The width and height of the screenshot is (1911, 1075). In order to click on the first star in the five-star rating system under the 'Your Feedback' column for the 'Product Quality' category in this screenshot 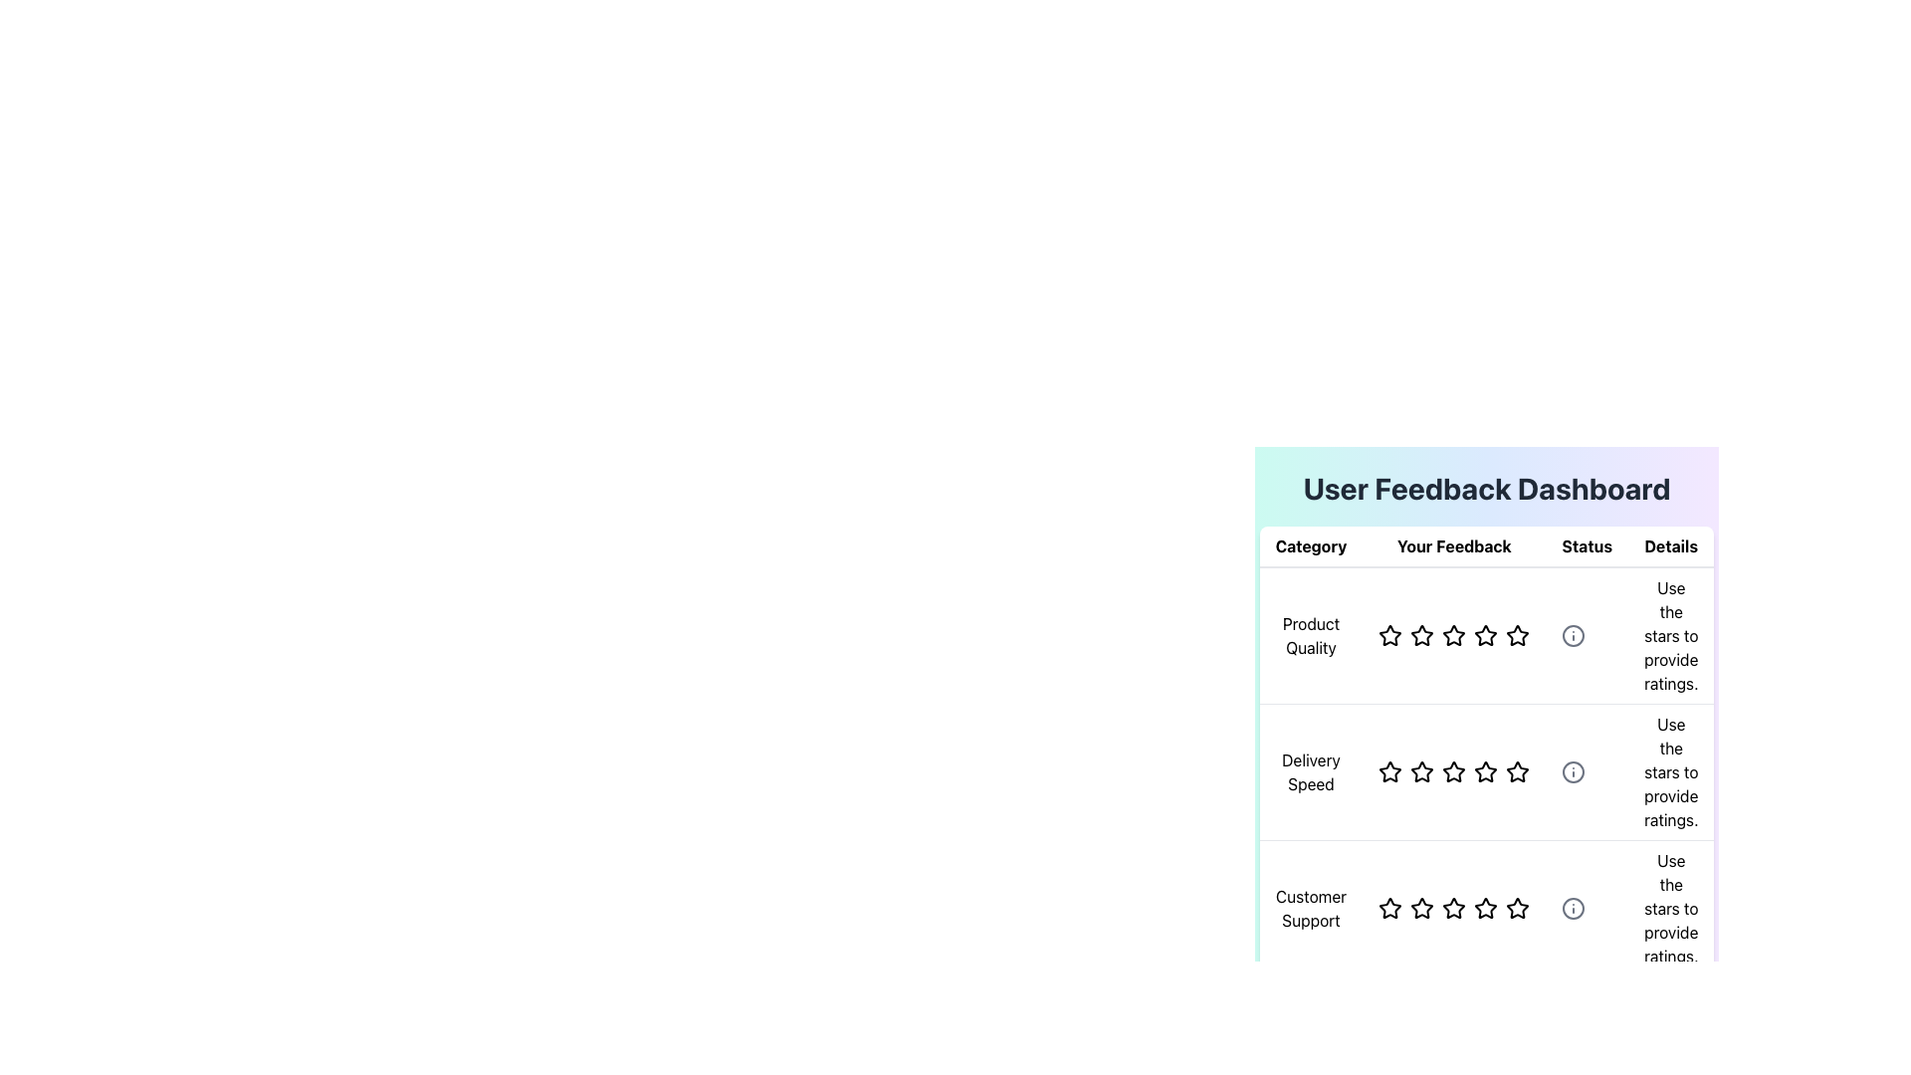, I will do `click(1389, 635)`.